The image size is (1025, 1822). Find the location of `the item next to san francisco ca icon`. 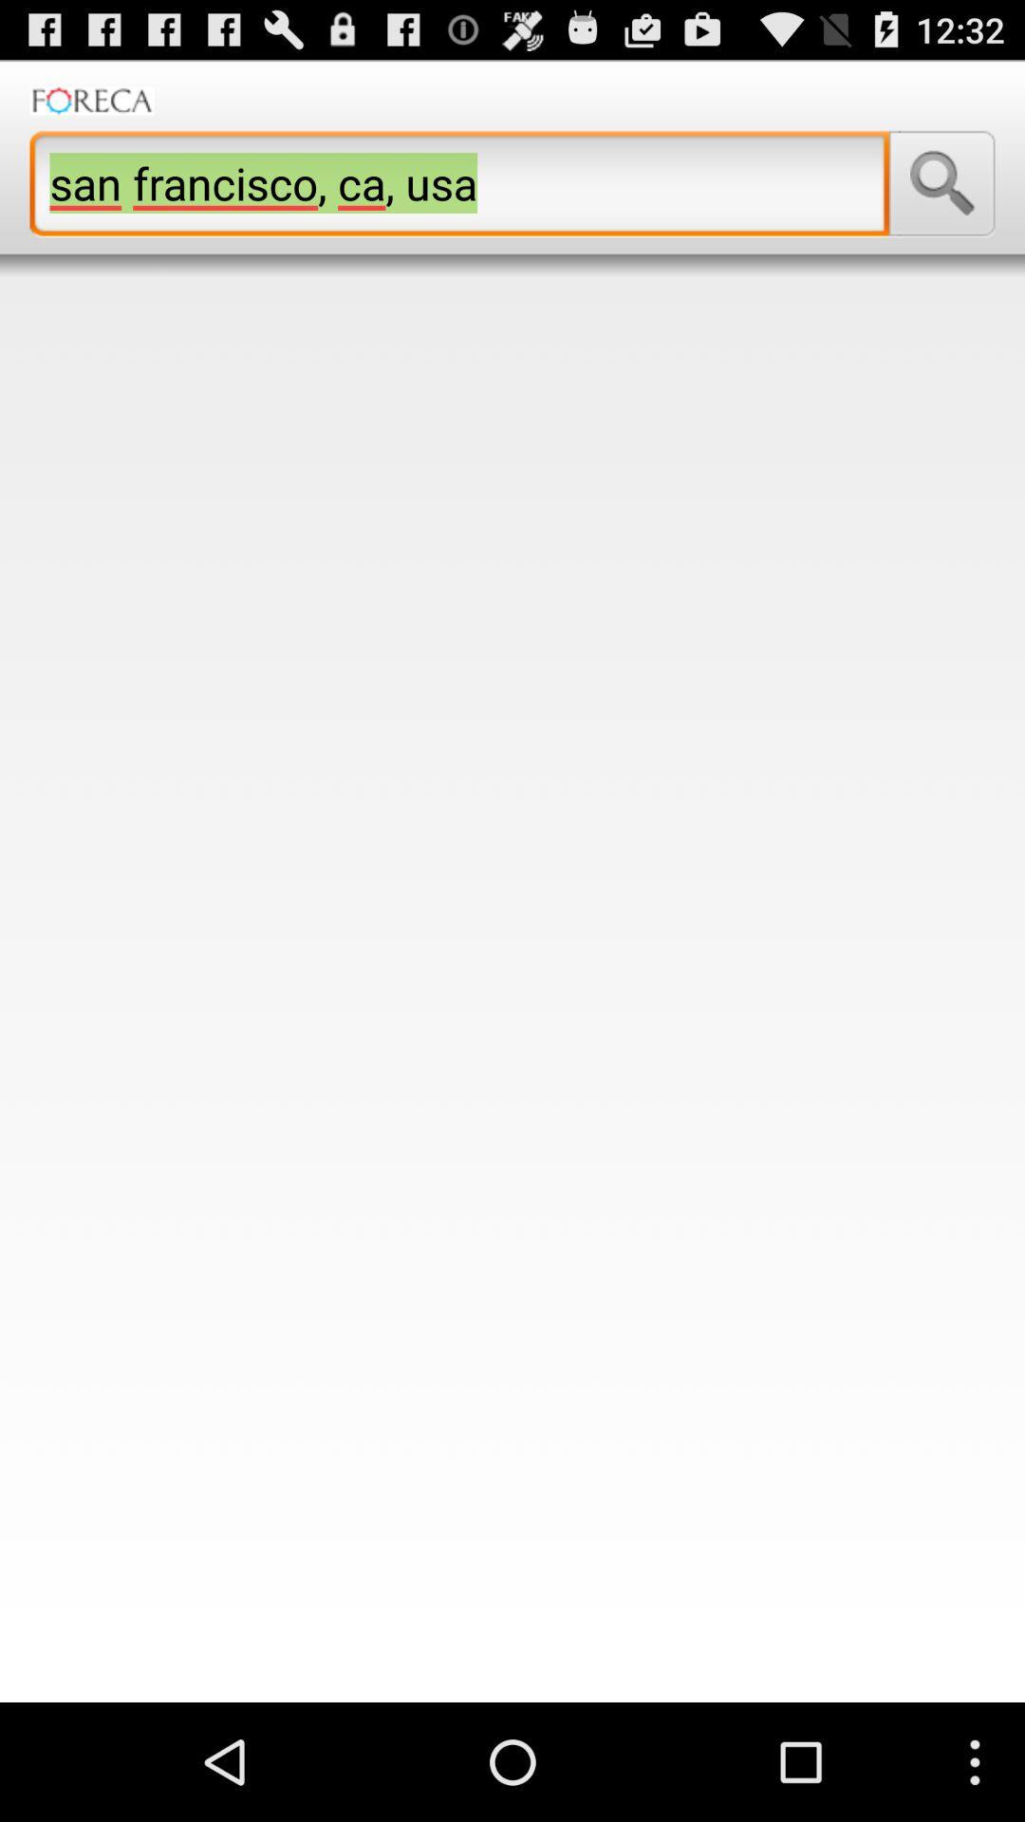

the item next to san francisco ca icon is located at coordinates (941, 183).